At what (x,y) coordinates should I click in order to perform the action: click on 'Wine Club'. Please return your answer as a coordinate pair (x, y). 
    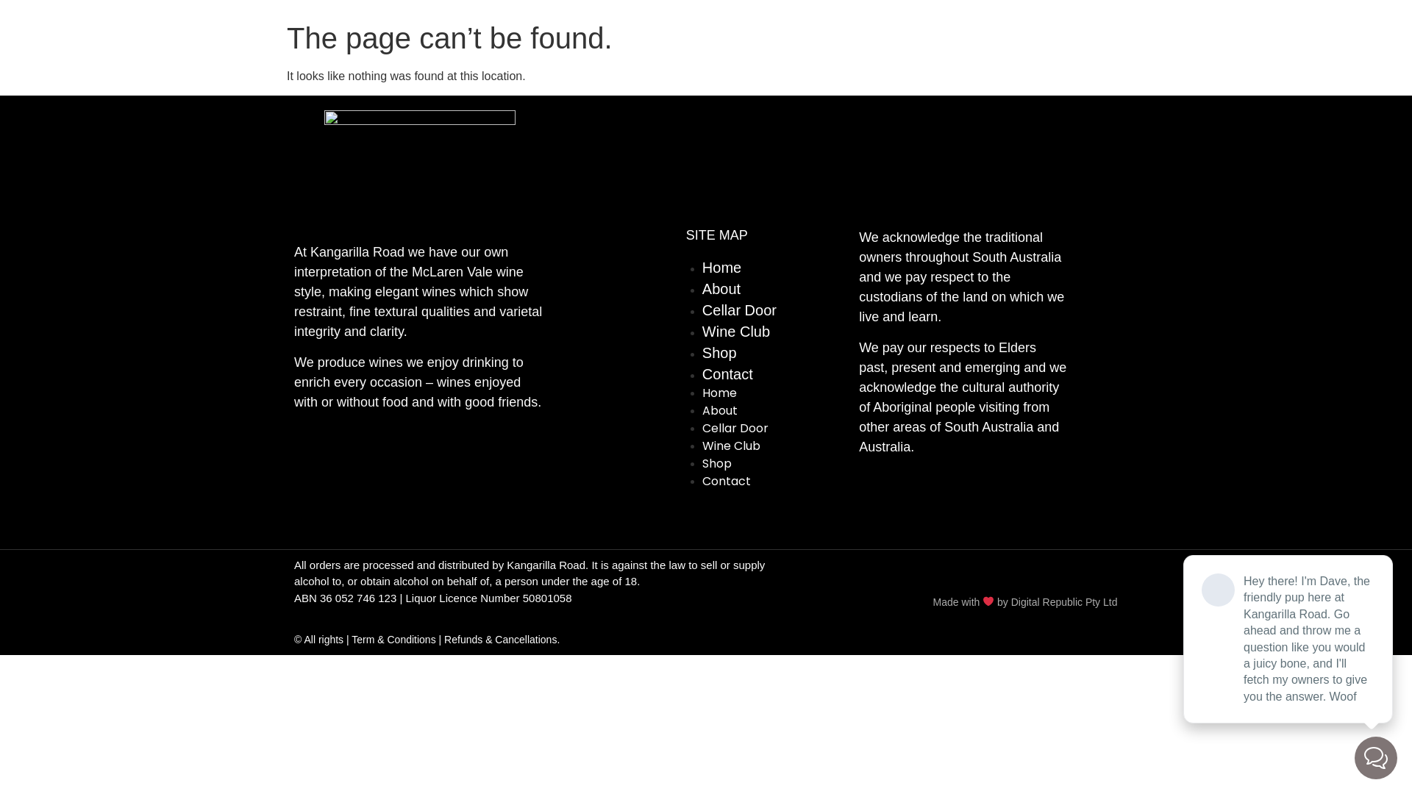
    Looking at the image, I should click on (731, 445).